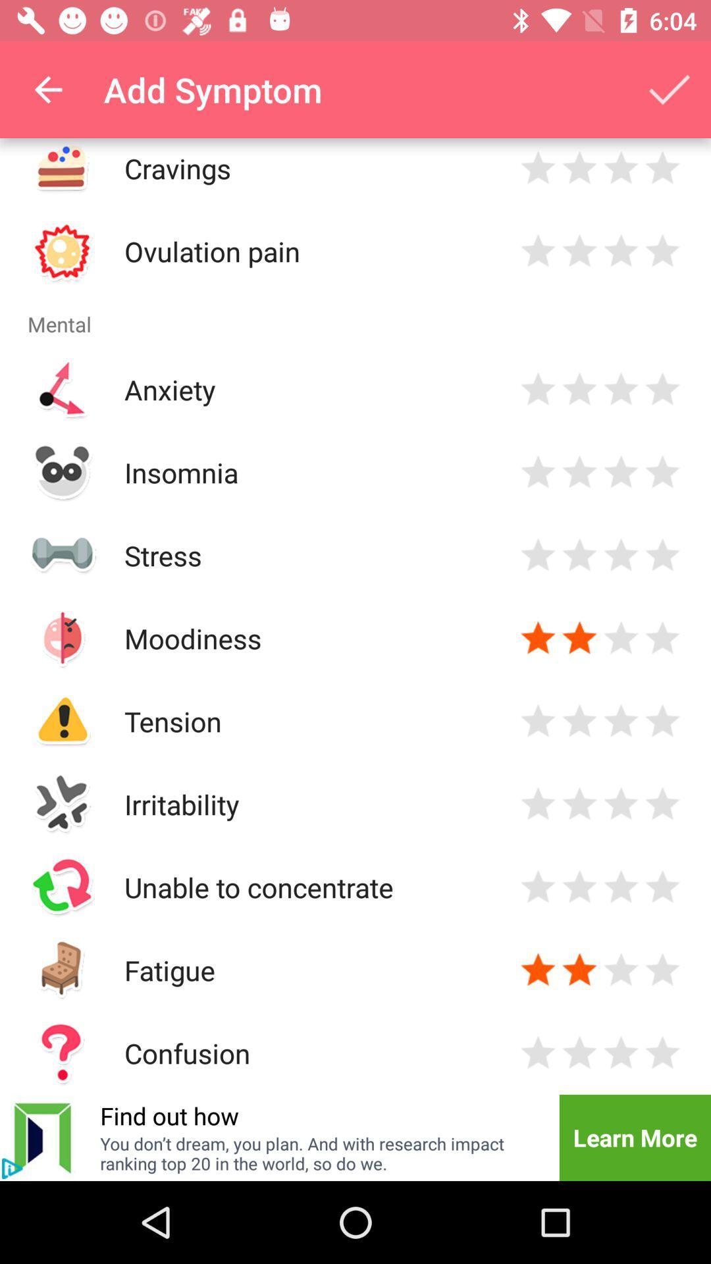  I want to click on rate 3 stars, so click(621, 887).